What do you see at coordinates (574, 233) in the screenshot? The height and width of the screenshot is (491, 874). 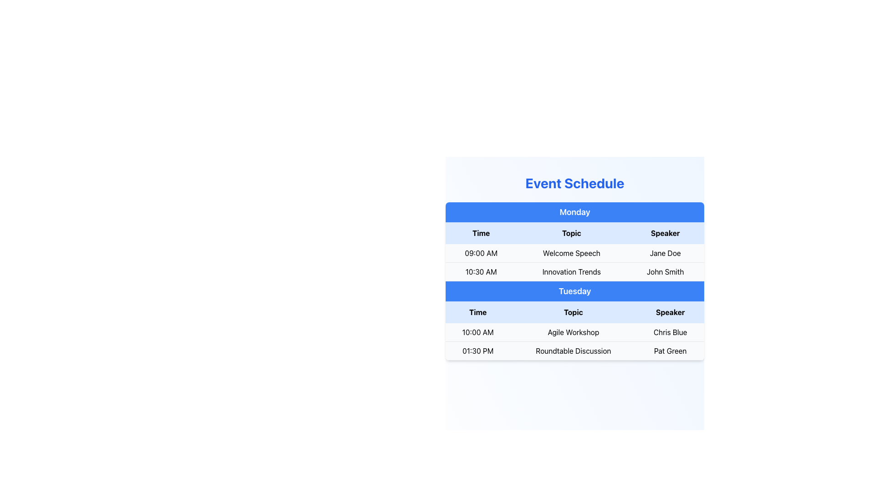 I see `the Table Header Row of the schedule table, which categorizes the subsequent rows into 'Time,' 'Topic,' and 'Speaker.' This row is located directly below the blue section labeled 'Monday.'` at bounding box center [574, 233].